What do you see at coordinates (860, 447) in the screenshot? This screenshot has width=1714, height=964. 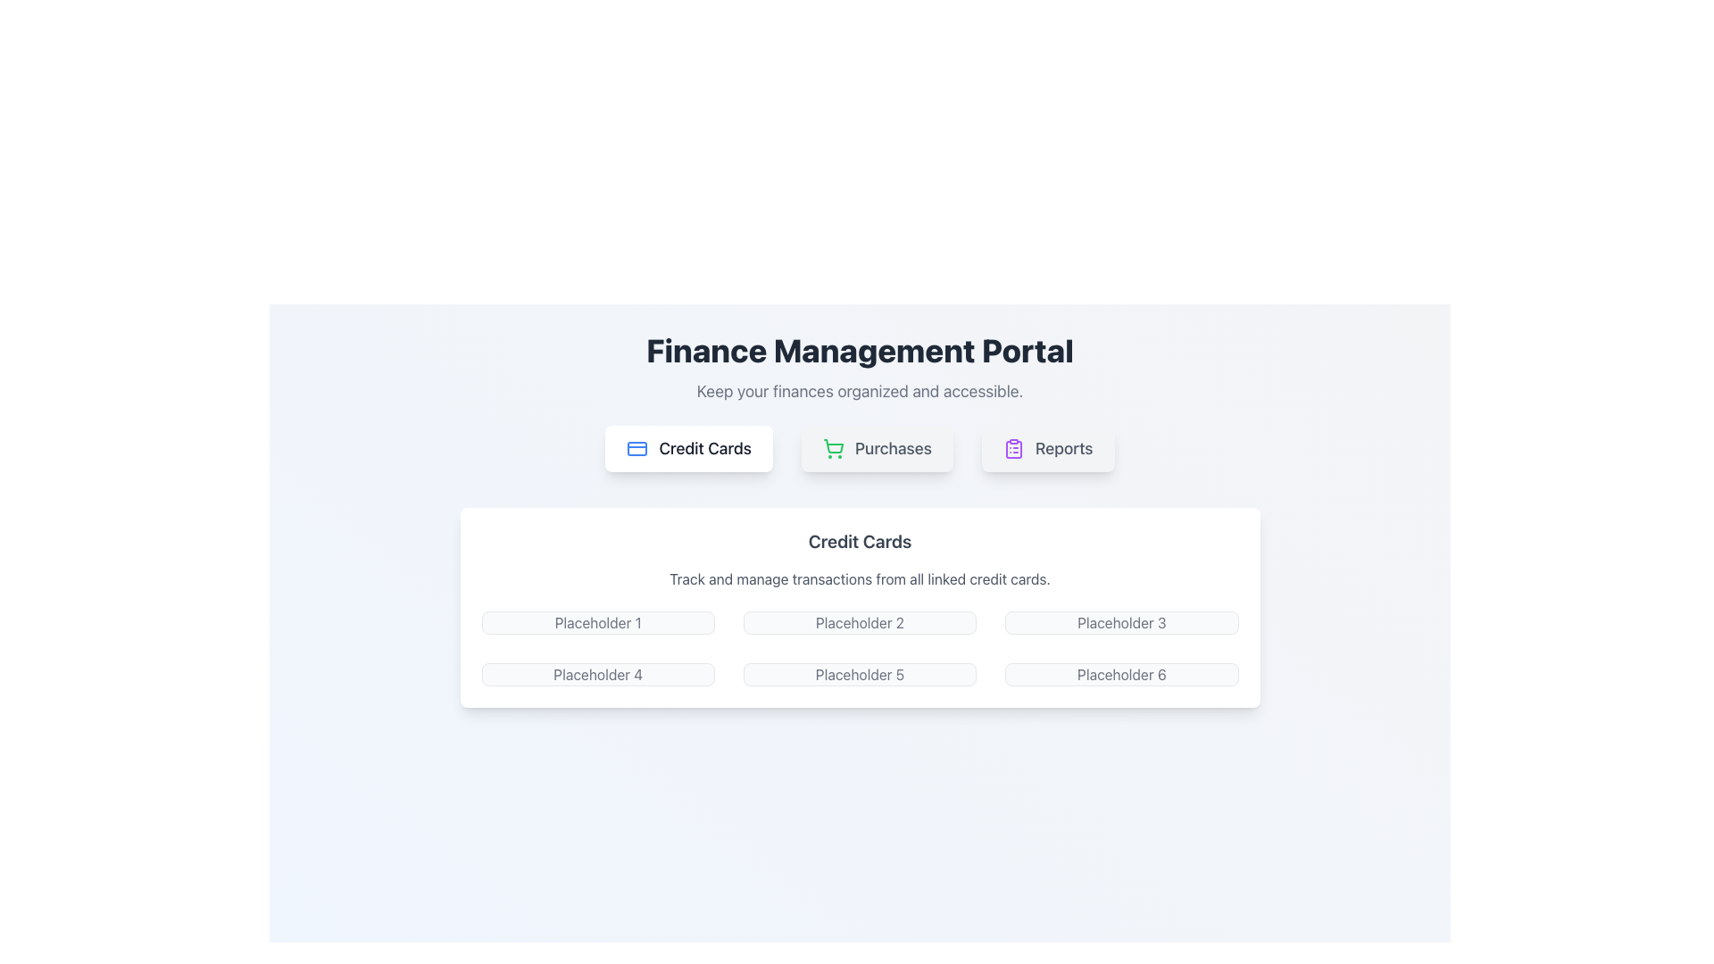 I see `the navigation tab located centrally below the 'Finance Management Portal' title` at bounding box center [860, 447].